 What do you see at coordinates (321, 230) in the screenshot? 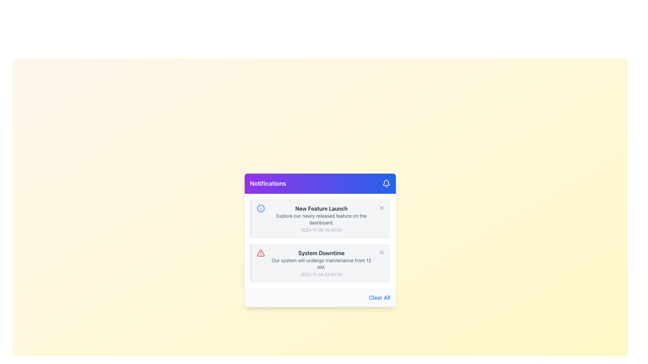
I see `the Text display showing the precise timestamp of the notification at the bottom of the 'New Feature Launch' card` at bounding box center [321, 230].